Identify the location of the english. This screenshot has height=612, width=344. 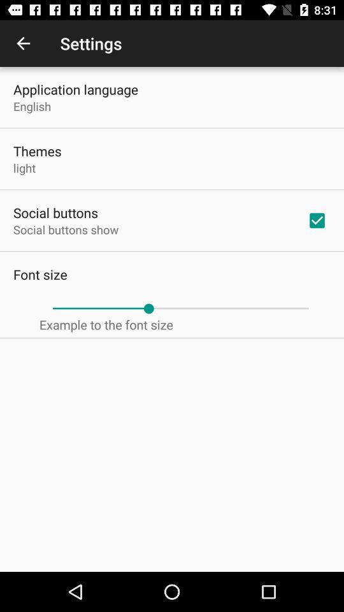
(32, 105).